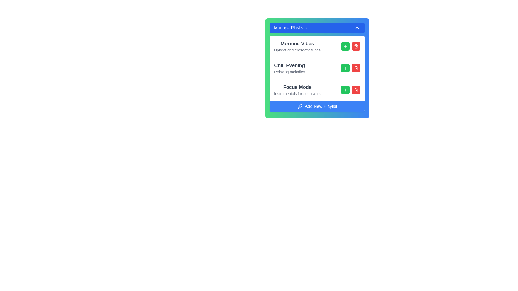 The image size is (518, 291). Describe the element at coordinates (317, 28) in the screenshot. I see `the button at the top of the playlist management card` at that location.